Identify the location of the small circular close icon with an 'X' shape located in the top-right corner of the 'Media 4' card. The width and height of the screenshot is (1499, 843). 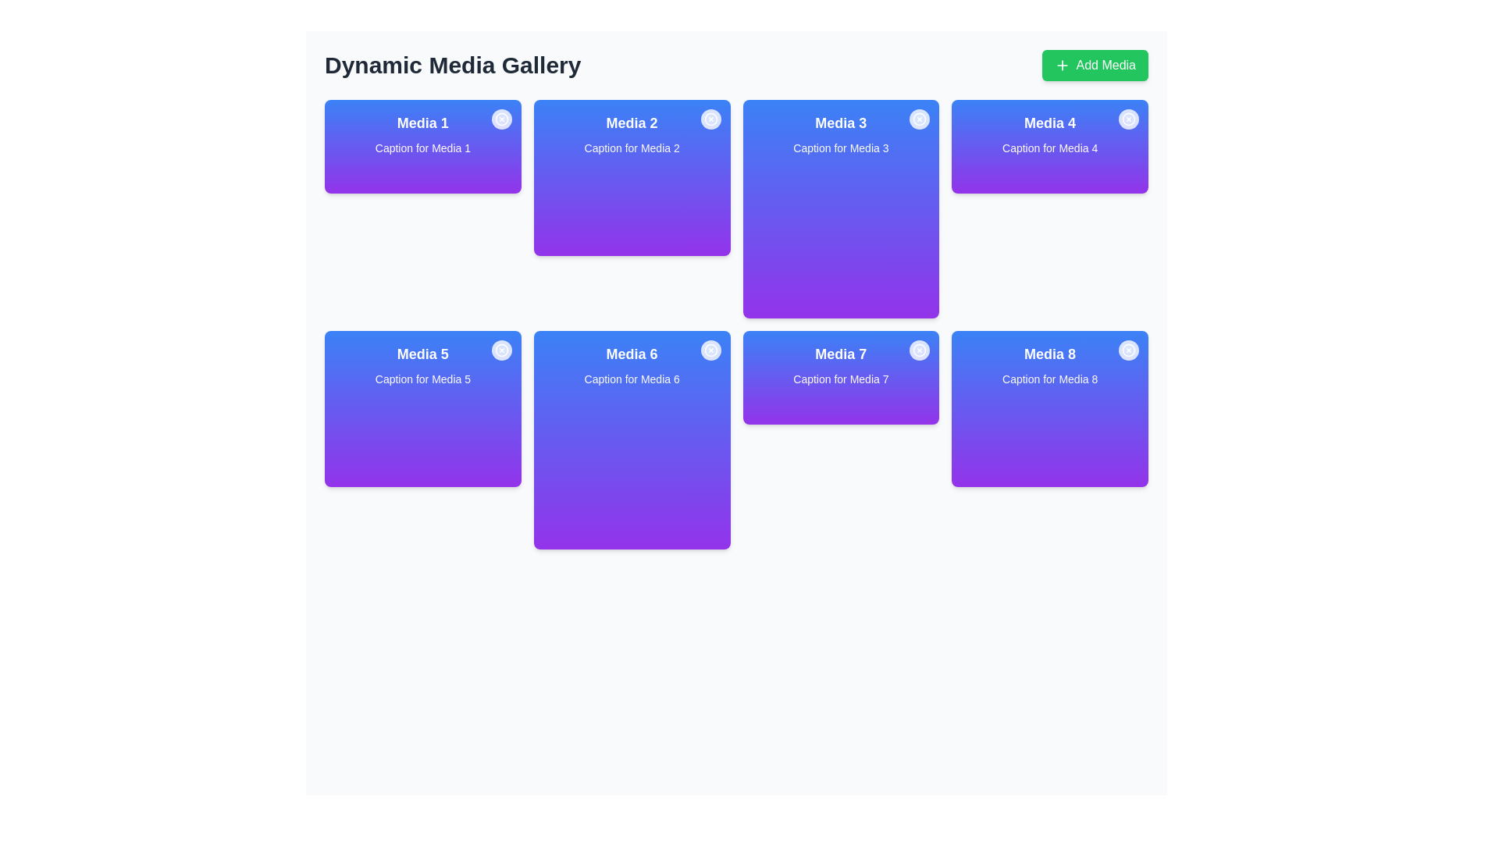
(1128, 119).